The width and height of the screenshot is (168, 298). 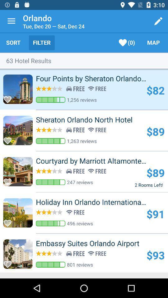 I want to click on as favorite, so click(x=9, y=262).